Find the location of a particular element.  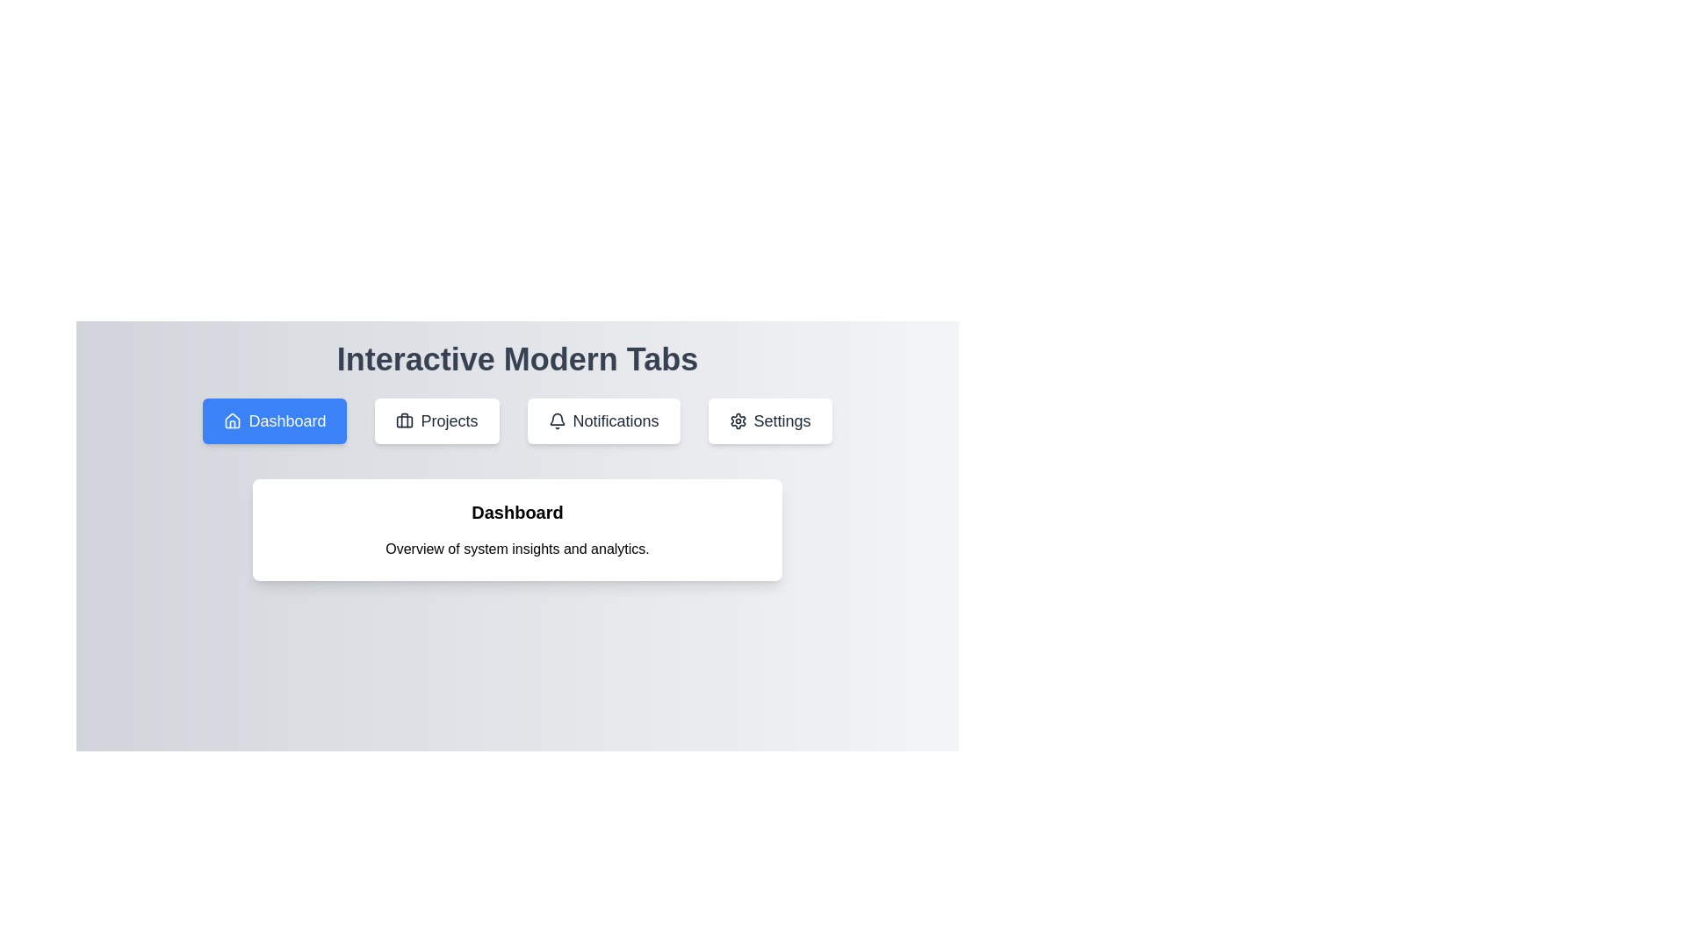

the blue 'Dashboard' button with a house icon is located at coordinates (274, 420).